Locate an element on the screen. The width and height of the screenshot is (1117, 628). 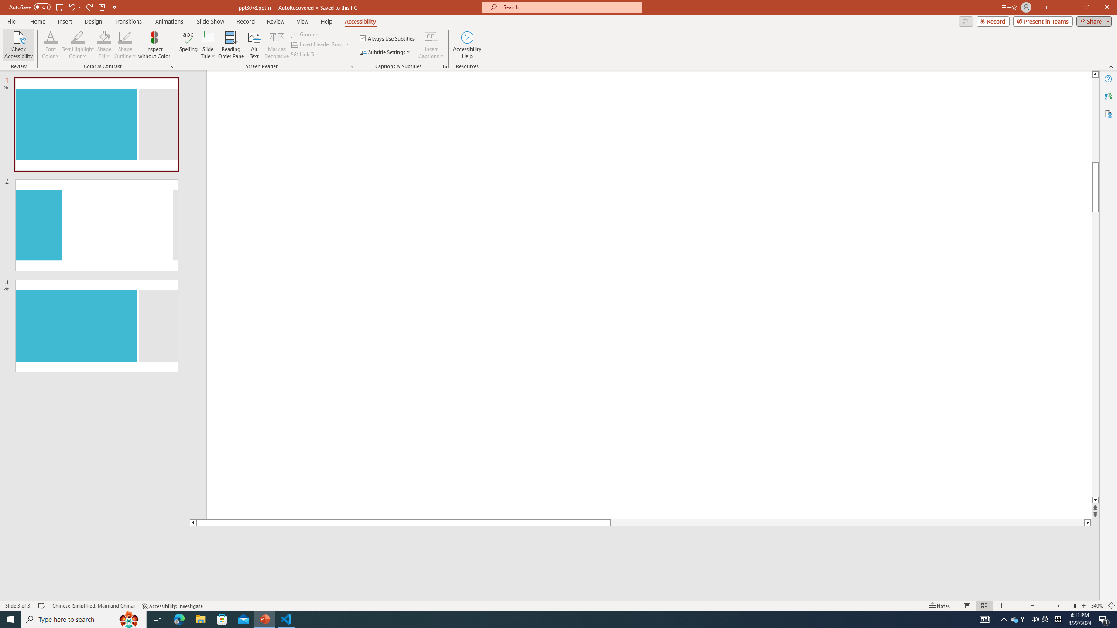
'Accessibility Help' is located at coordinates (467, 45).